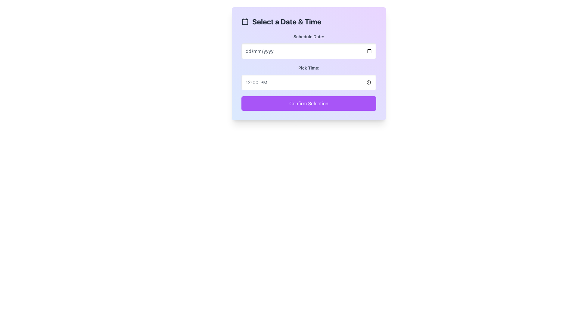 This screenshot has width=578, height=325. I want to click on the submit button, so click(309, 103).